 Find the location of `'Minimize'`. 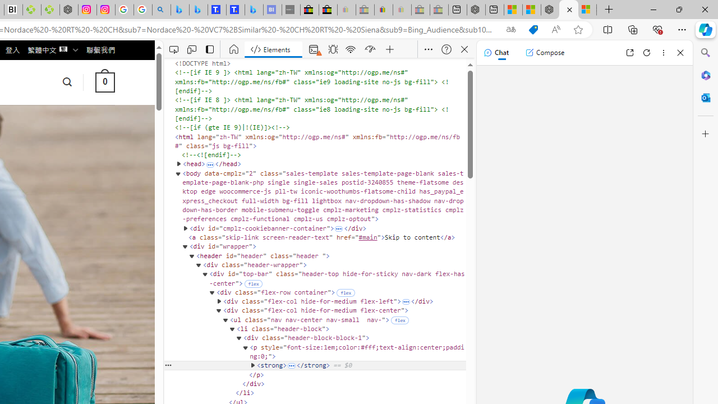

'Minimize' is located at coordinates (653, 9).